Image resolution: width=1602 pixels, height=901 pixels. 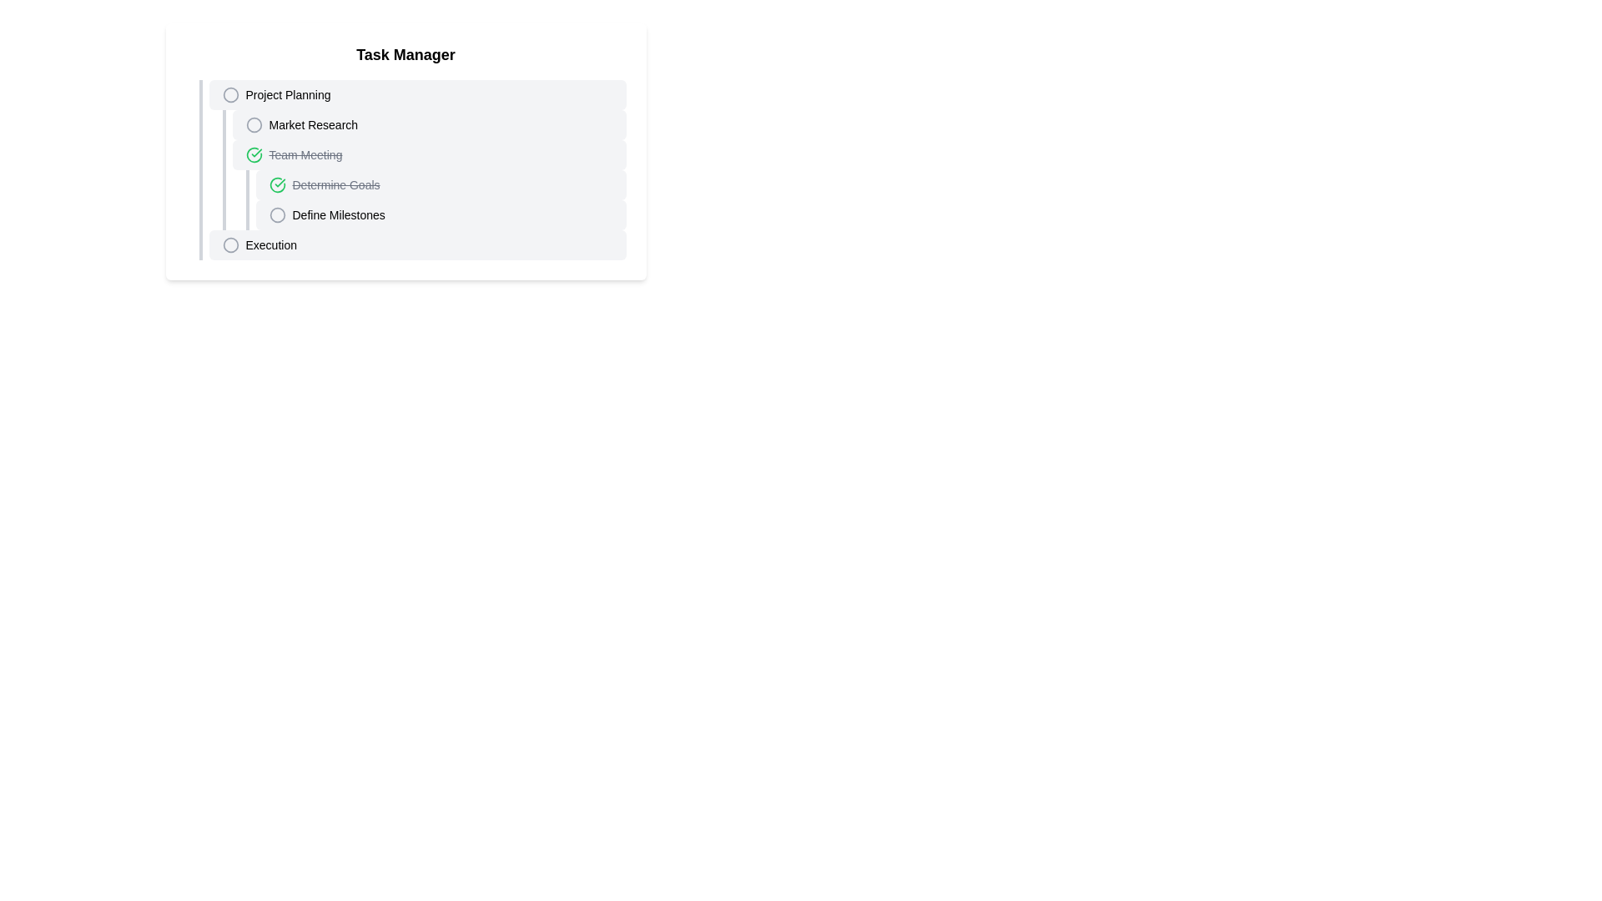 What do you see at coordinates (417, 244) in the screenshot?
I see `the fifth list item titled 'Execution' in the 'Task Manager' section by moving the cursor to its center point` at bounding box center [417, 244].